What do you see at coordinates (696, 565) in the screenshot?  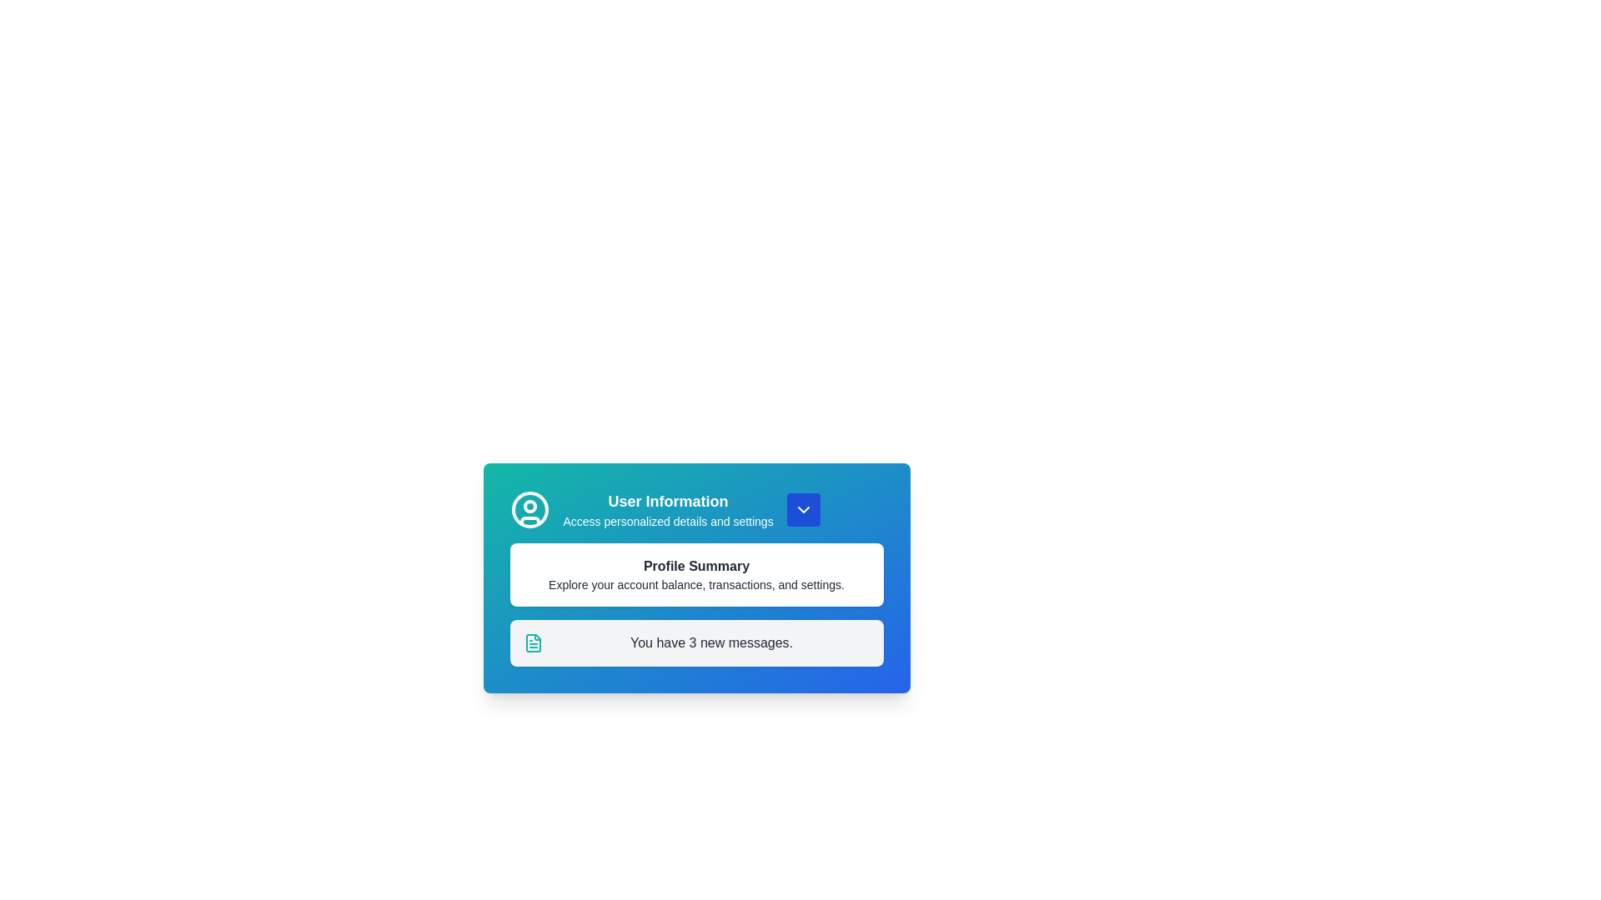 I see `the header-like text label that summarizes the purpose of the associated section, located in a rounded, white card below the 'User Information' header` at bounding box center [696, 565].